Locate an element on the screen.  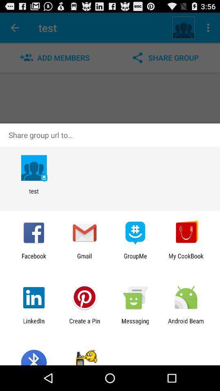
the item to the right of create a pin app is located at coordinates (135, 324).